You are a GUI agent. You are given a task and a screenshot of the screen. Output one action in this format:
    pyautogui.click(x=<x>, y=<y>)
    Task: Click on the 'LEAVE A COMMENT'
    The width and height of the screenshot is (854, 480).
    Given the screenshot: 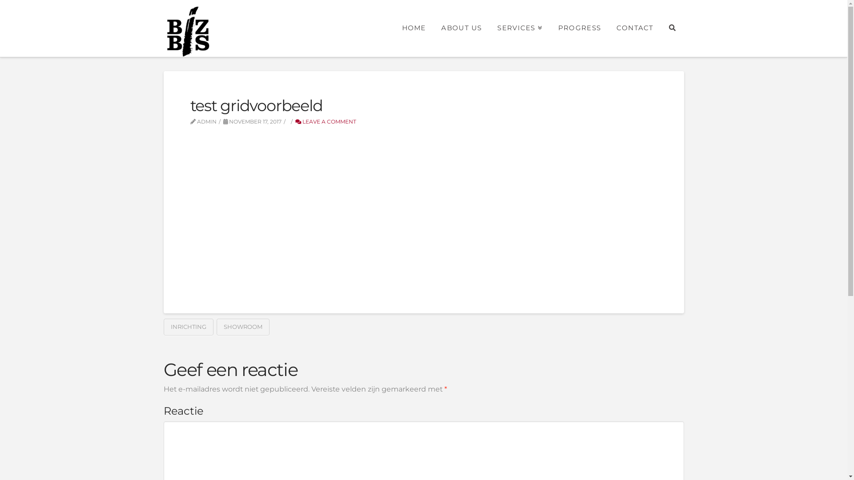 What is the action you would take?
    pyautogui.click(x=325, y=121)
    